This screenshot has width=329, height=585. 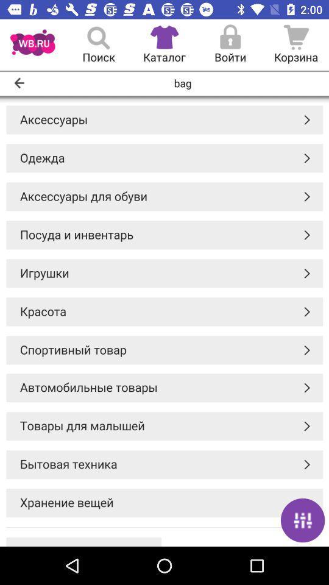 I want to click on the arrow_backward icon, so click(x=18, y=82).